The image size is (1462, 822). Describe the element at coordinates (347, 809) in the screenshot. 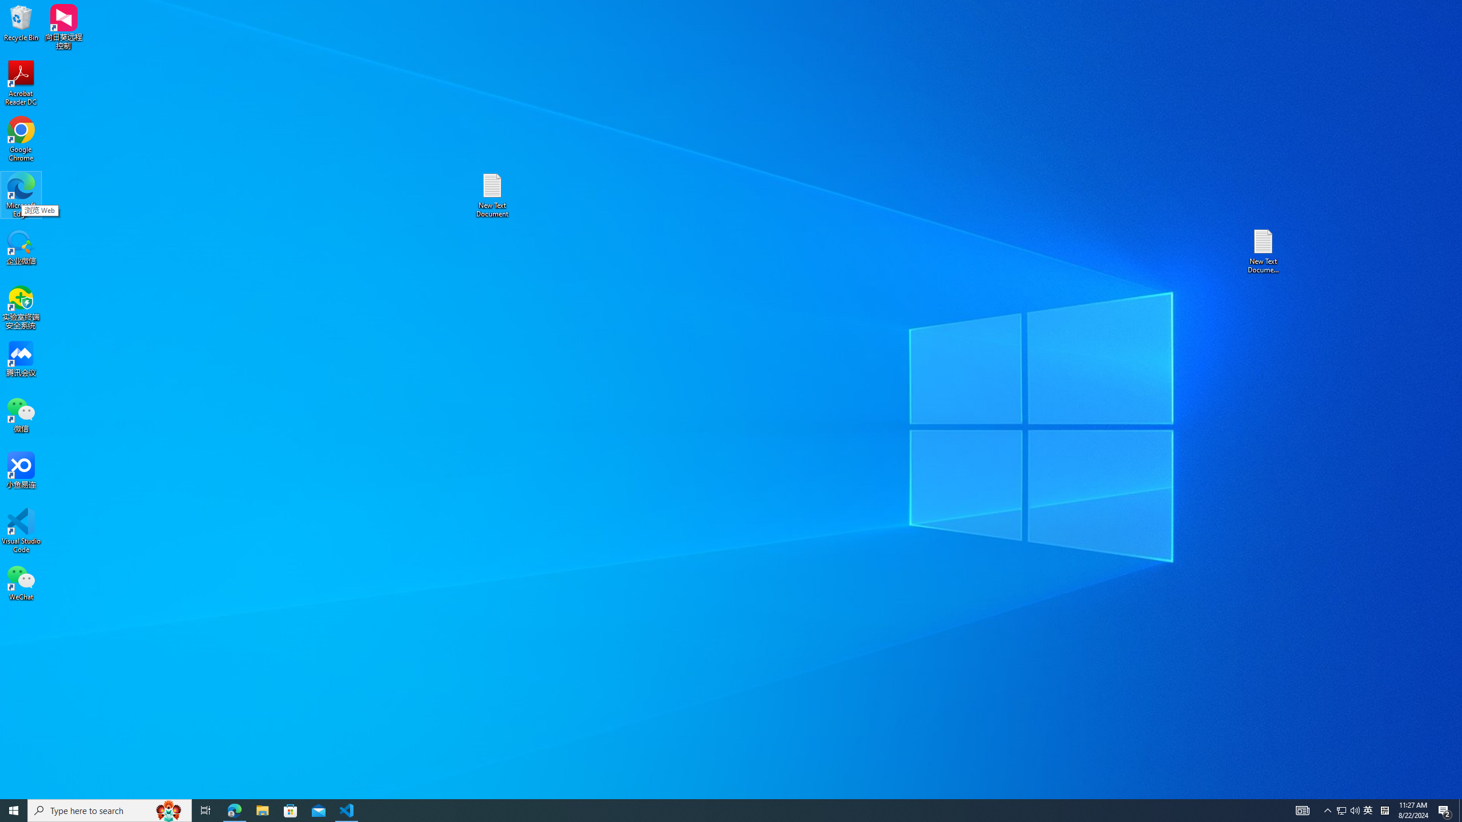

I see `'Visual Studio Code - 1 running window'` at that location.